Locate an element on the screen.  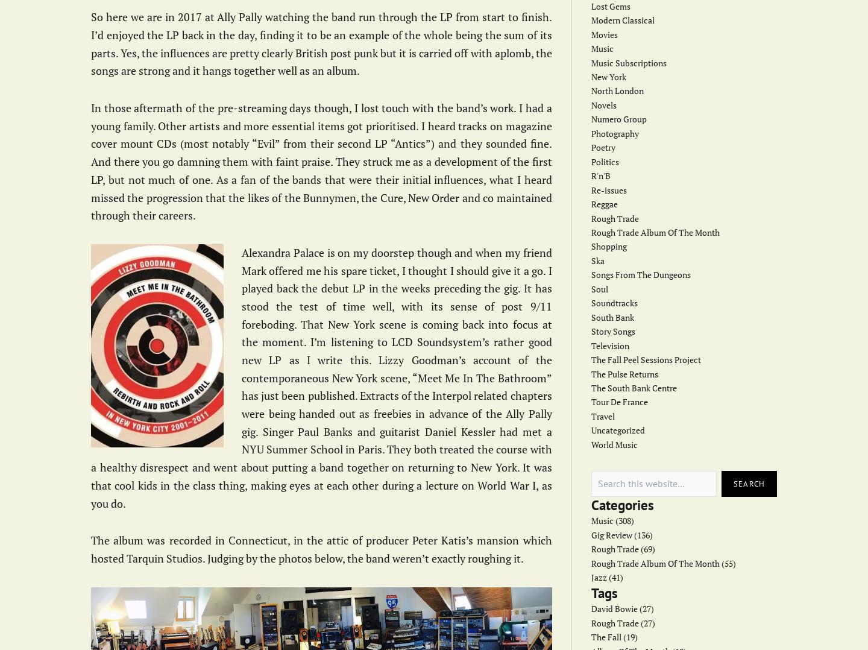
'Rough Trade Album Of The Month' is located at coordinates (654, 232).